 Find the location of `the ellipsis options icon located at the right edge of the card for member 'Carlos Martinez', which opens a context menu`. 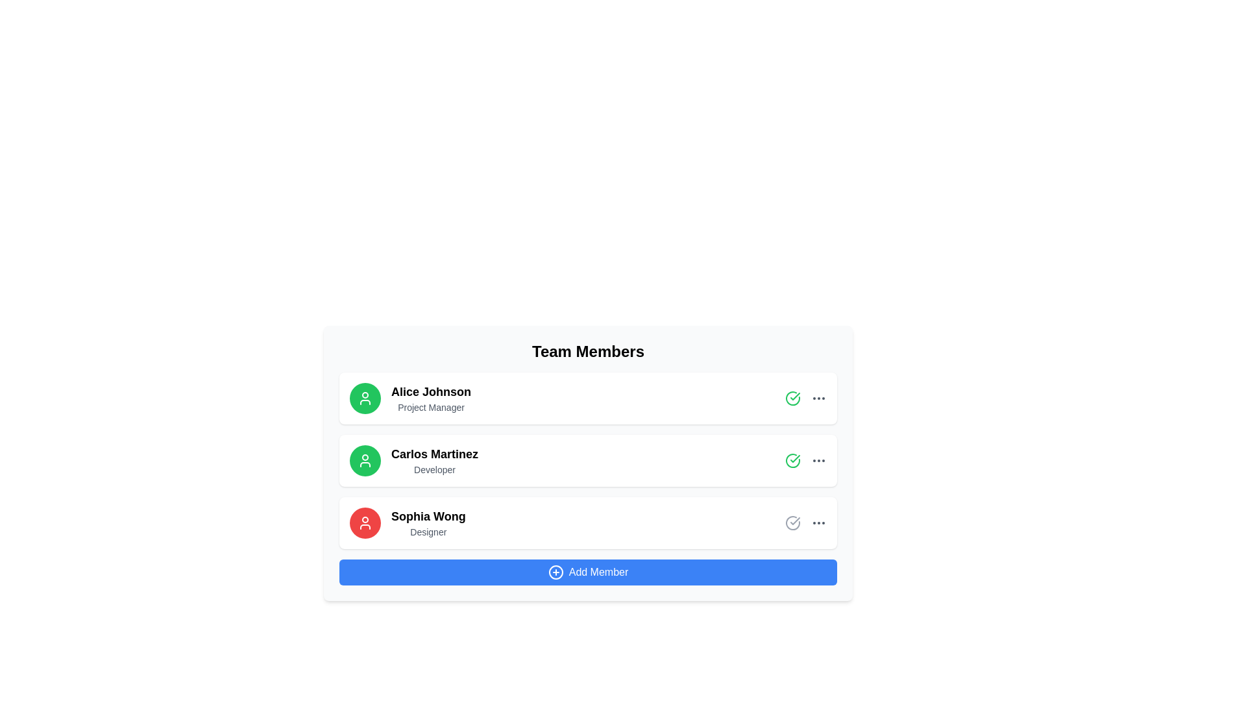

the ellipsis options icon located at the right edge of the card for member 'Carlos Martinez', which opens a context menu is located at coordinates (818, 460).